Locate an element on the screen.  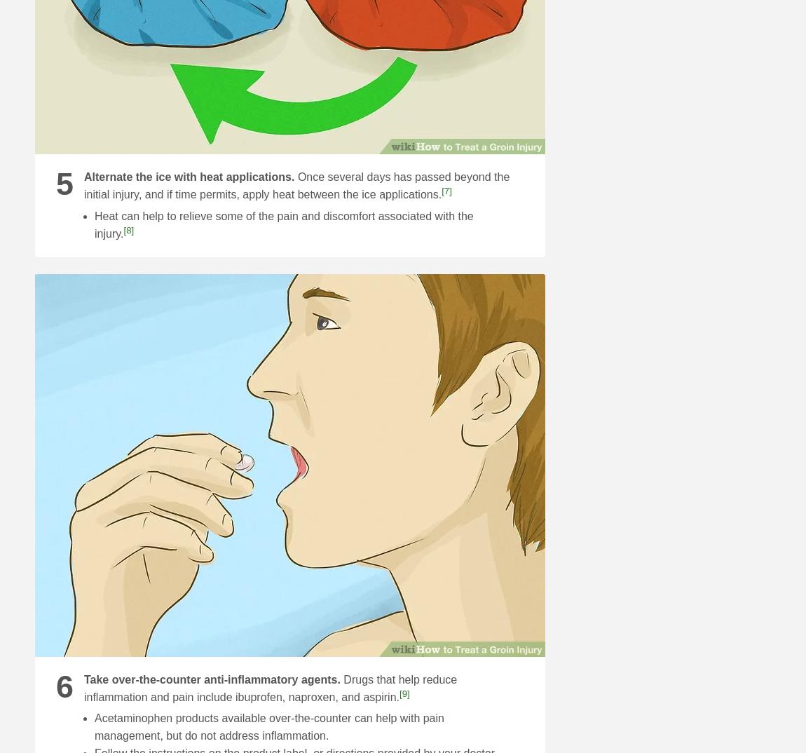
'Take over-the-counter anti-inflammatory agents.' is located at coordinates (211, 678).